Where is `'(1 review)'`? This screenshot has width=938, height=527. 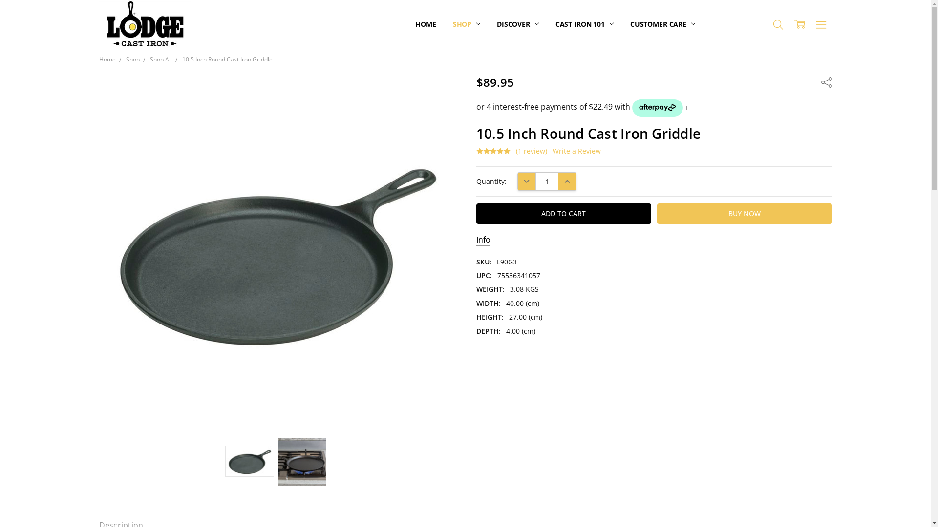 '(1 review)' is located at coordinates (531, 151).